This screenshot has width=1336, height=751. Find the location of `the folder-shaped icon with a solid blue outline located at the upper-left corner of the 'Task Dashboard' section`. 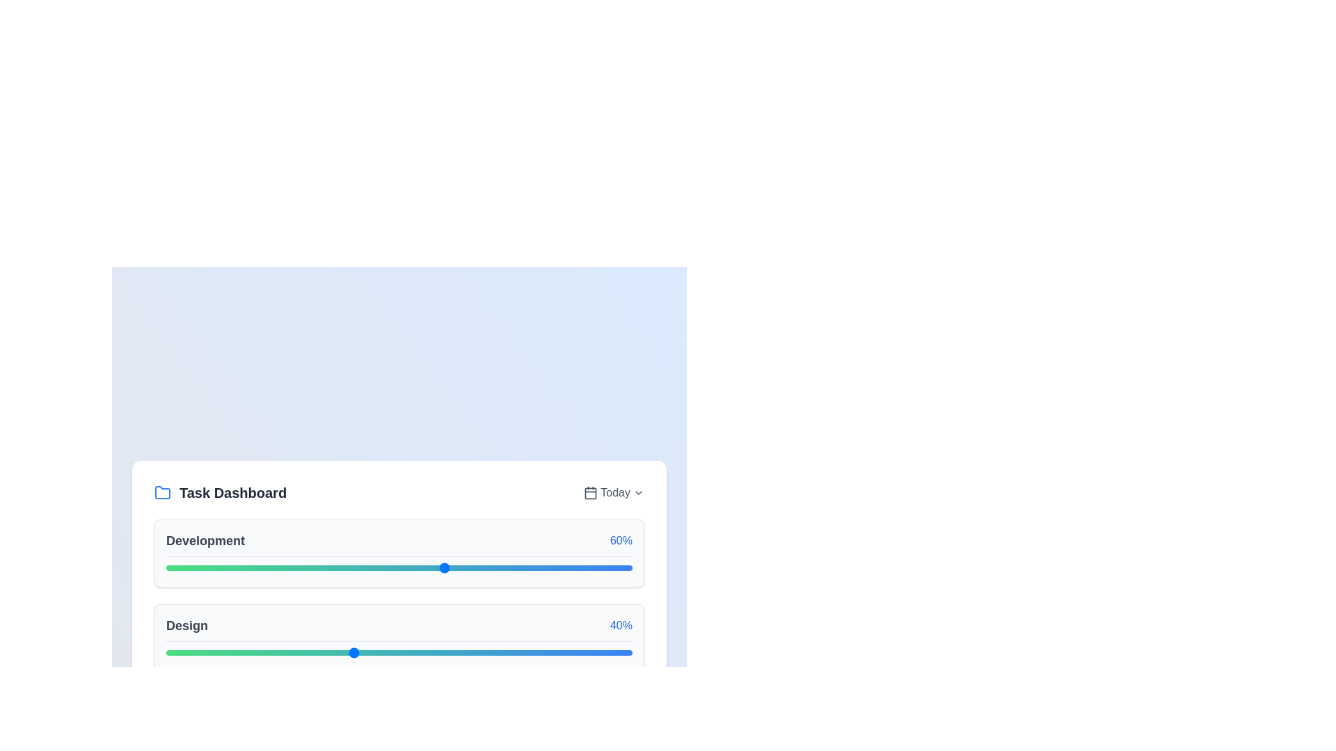

the folder-shaped icon with a solid blue outline located at the upper-left corner of the 'Task Dashboard' section is located at coordinates (163, 492).